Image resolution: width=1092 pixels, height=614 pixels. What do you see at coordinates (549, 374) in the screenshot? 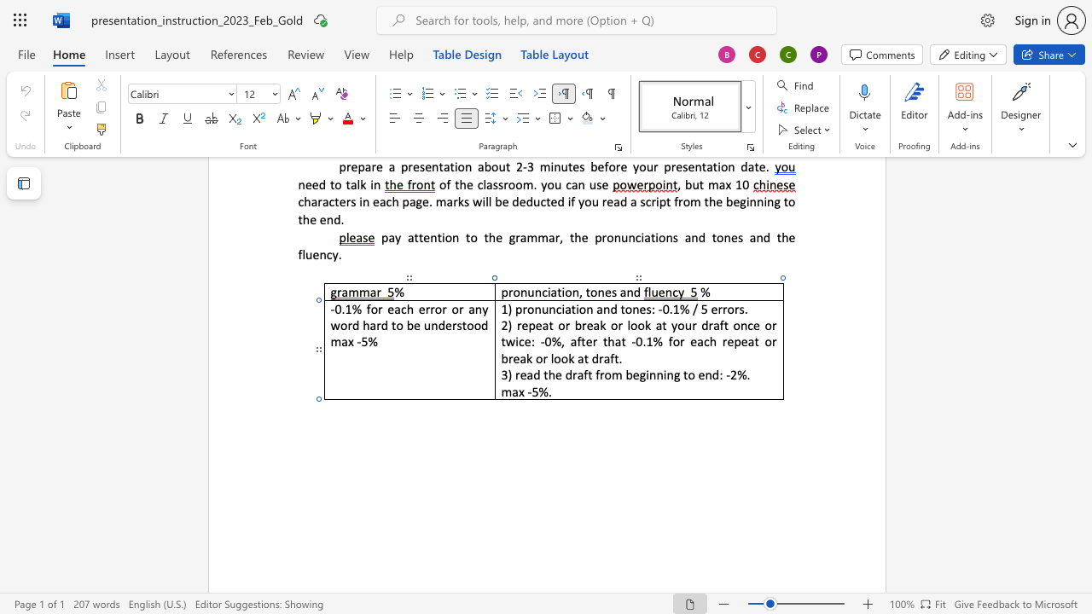
I see `the space between the continuous character "t" and "h" in the text` at bounding box center [549, 374].